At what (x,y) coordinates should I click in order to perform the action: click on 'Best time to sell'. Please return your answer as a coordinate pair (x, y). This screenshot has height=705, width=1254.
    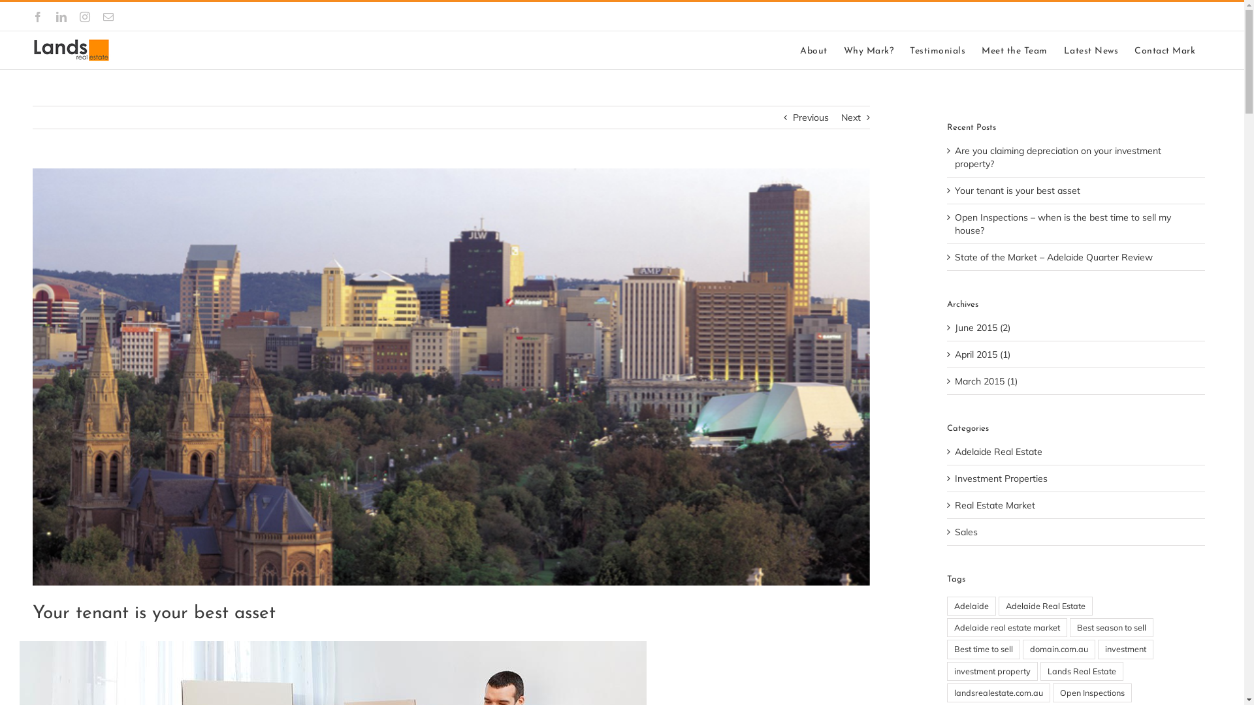
    Looking at the image, I should click on (984, 649).